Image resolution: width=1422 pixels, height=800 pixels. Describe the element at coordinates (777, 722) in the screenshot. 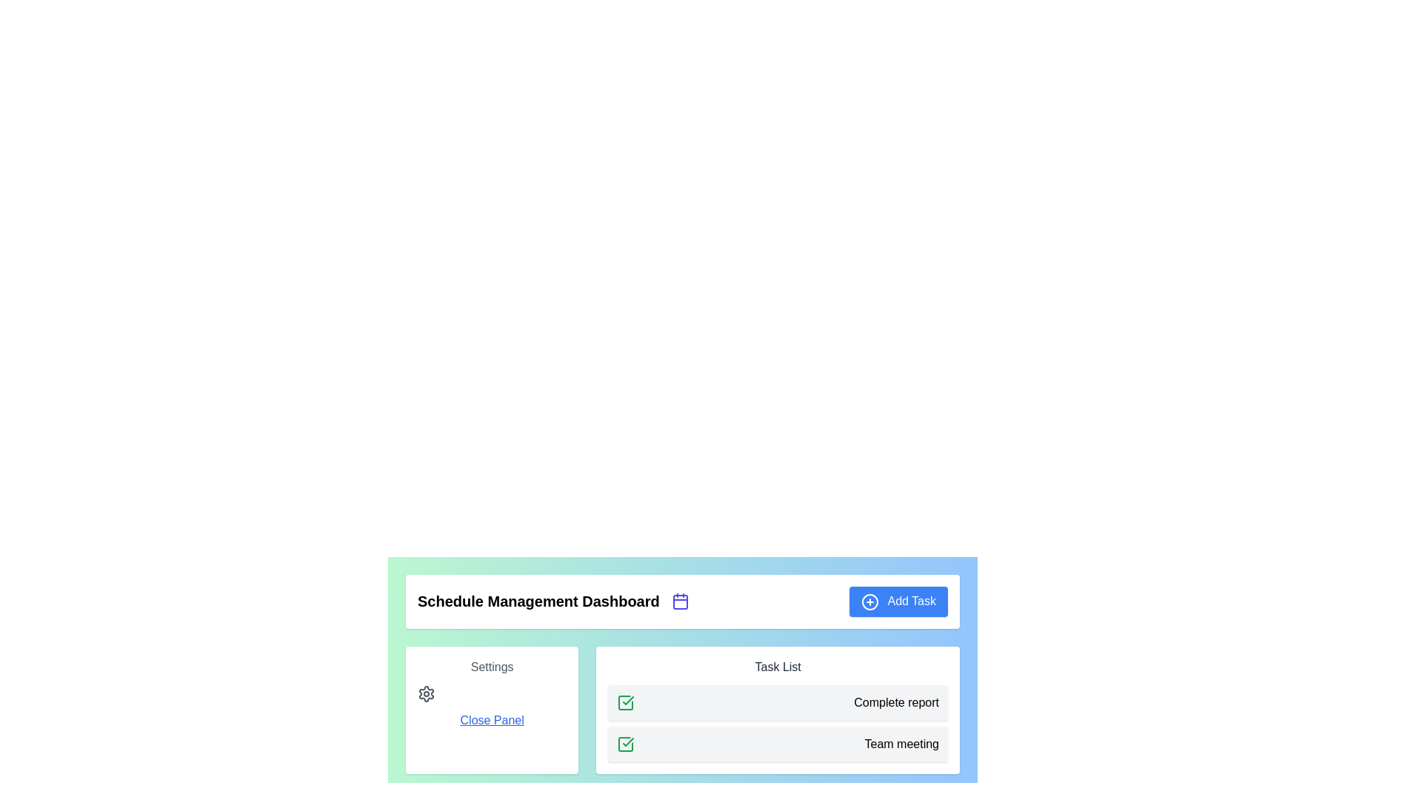

I see `the task list element located in the 'Task List' section, specifically positioned near the bottom right quadrant, displaying task completion with checkmarks and labels` at that location.